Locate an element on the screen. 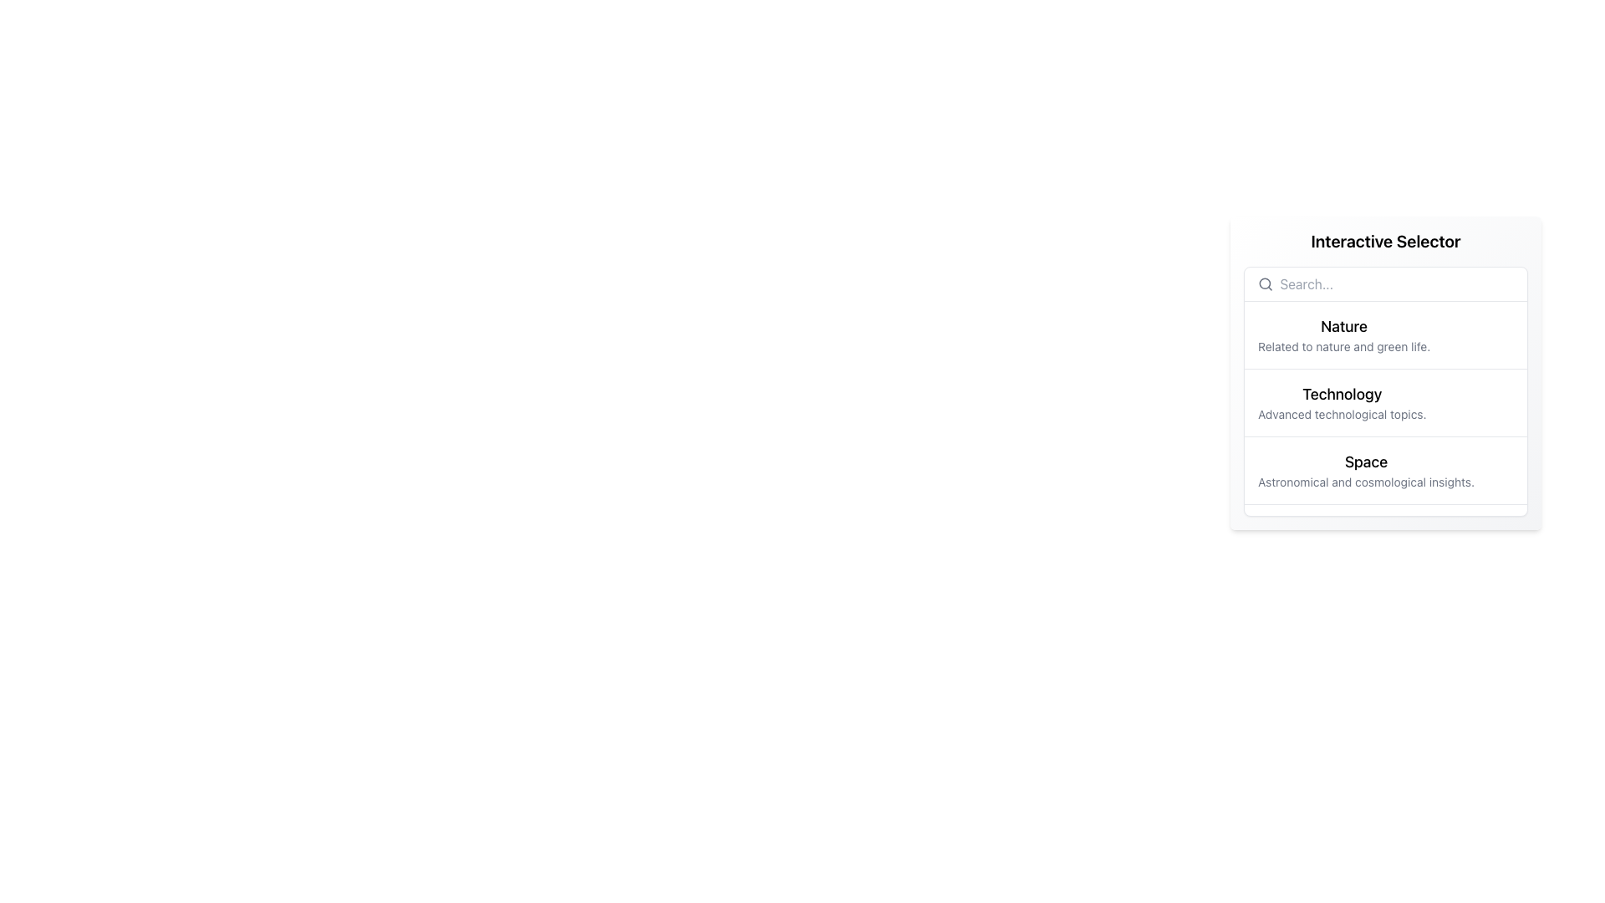 The width and height of the screenshot is (1605, 903). the gray magnifying glass icon located at the left side of the white search bar, which is positioned at the top of the panel is located at coordinates (1266, 283).